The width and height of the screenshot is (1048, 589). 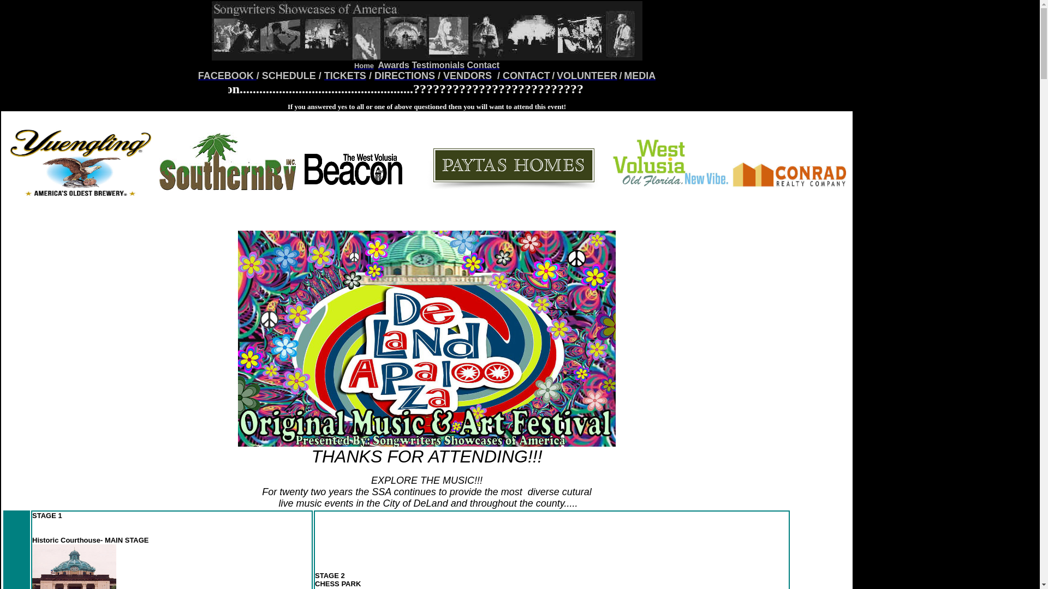 I want to click on 'VOLUNTEER', so click(x=586, y=75).